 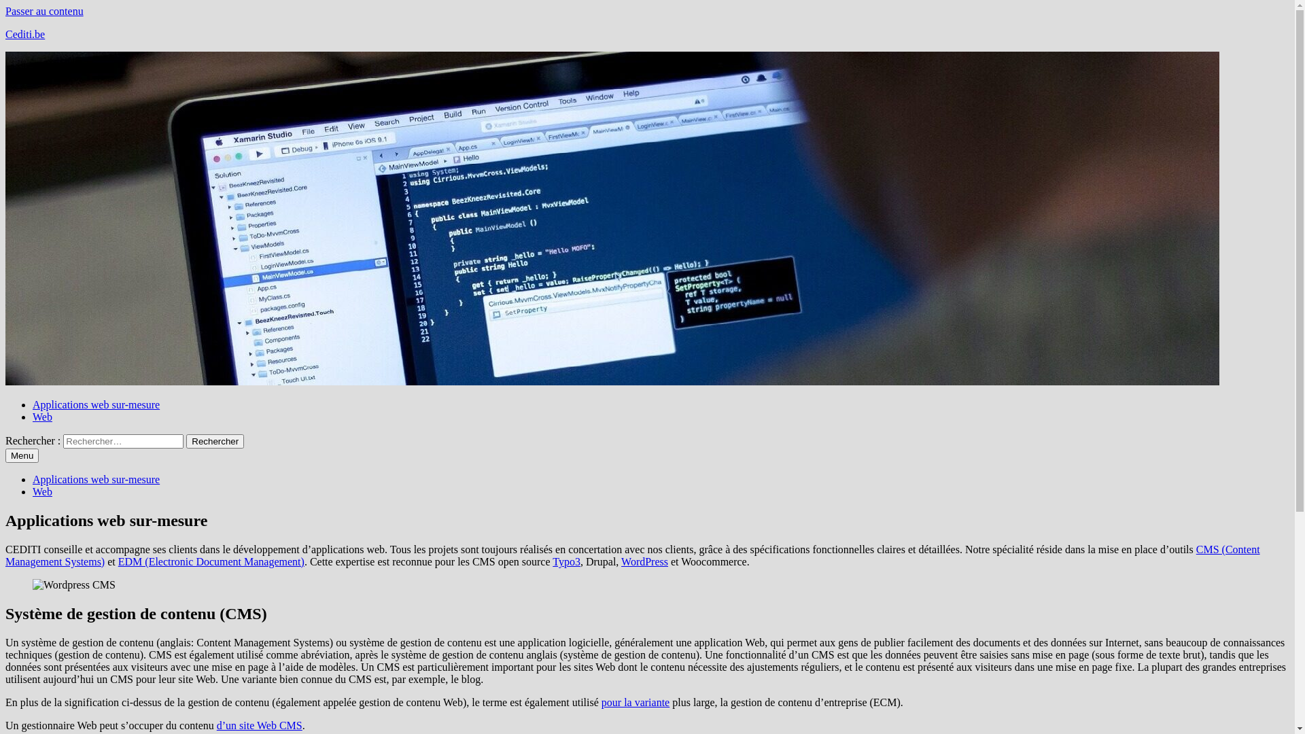 I want to click on 'WordPress', so click(x=644, y=561).